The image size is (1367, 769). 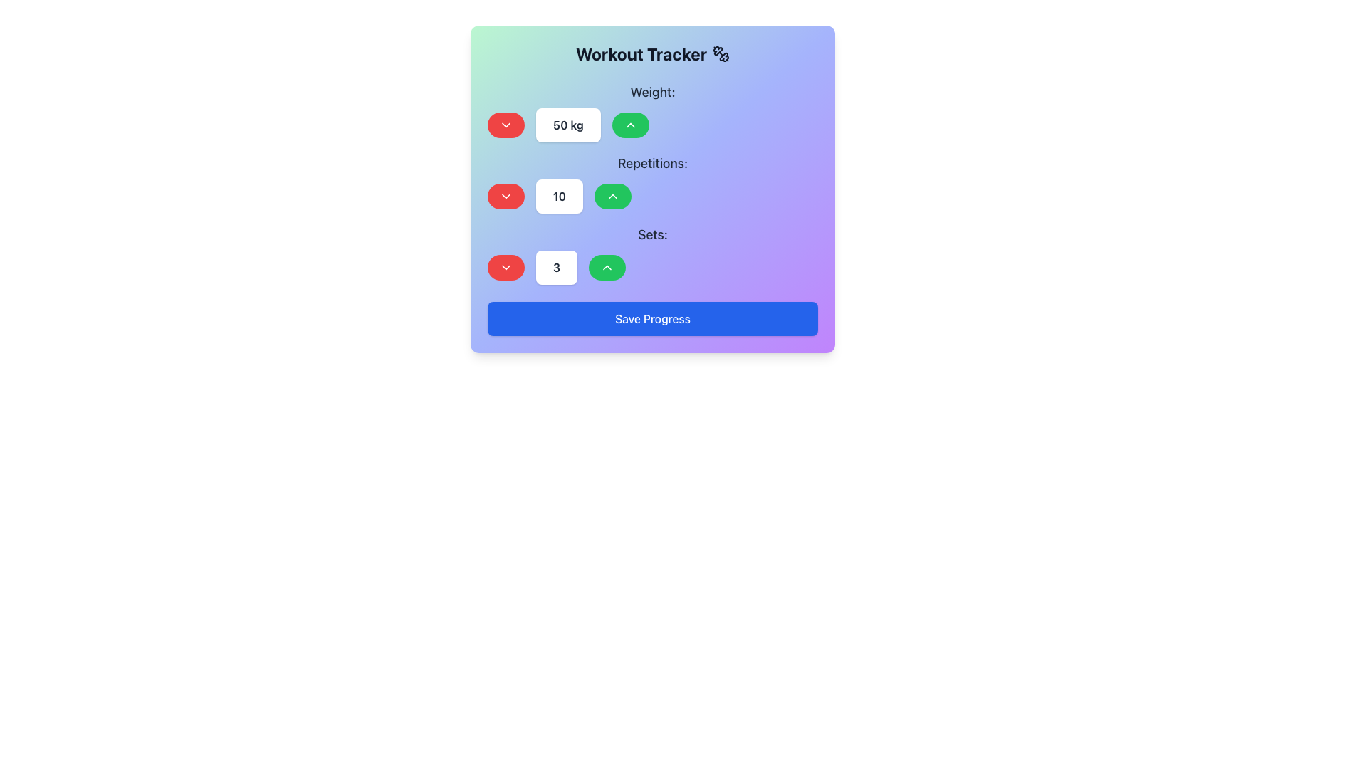 What do you see at coordinates (607, 267) in the screenshot?
I see `the 'increase Sets' button in the 'Workout Tracker' interface` at bounding box center [607, 267].